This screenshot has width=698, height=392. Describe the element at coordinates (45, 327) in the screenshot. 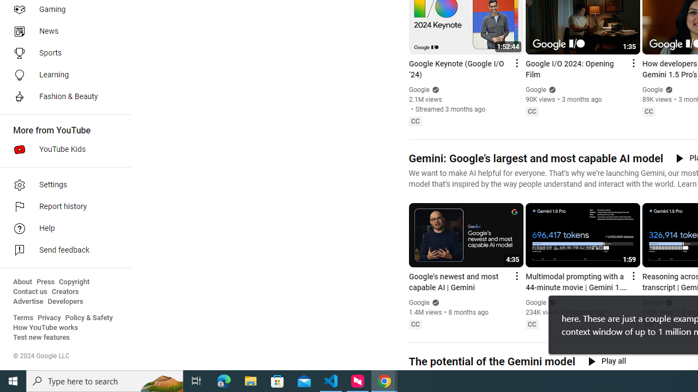

I see `'How YouTube works'` at that location.